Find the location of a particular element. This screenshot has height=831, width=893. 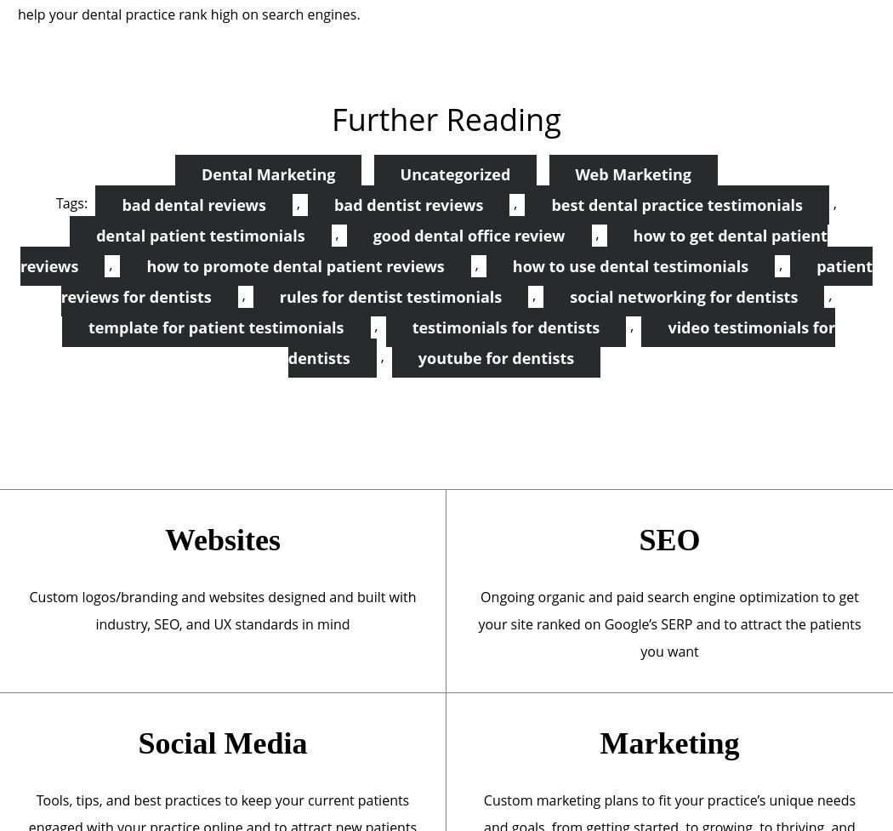

'Dental Marketing' is located at coordinates (268, 173).